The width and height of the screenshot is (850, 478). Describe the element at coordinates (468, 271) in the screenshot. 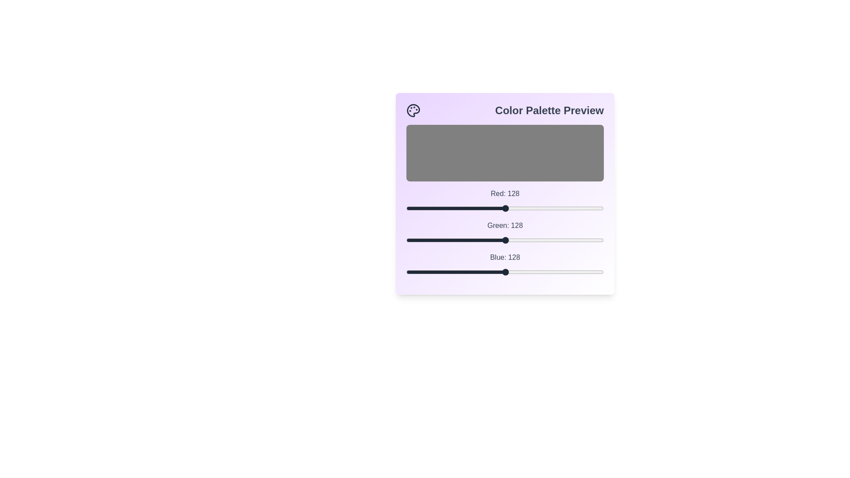

I see `the blue color value` at that location.